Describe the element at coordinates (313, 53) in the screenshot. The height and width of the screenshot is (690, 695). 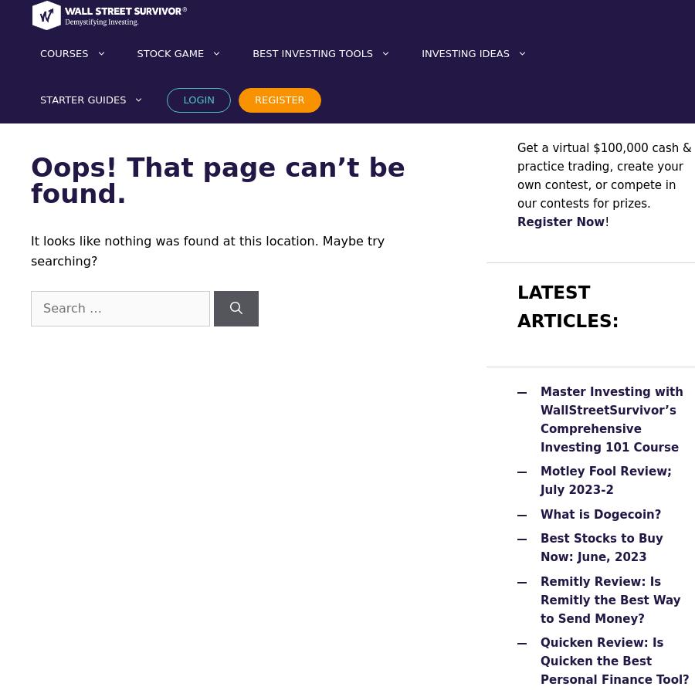
I see `'Best Investing Tools'` at that location.